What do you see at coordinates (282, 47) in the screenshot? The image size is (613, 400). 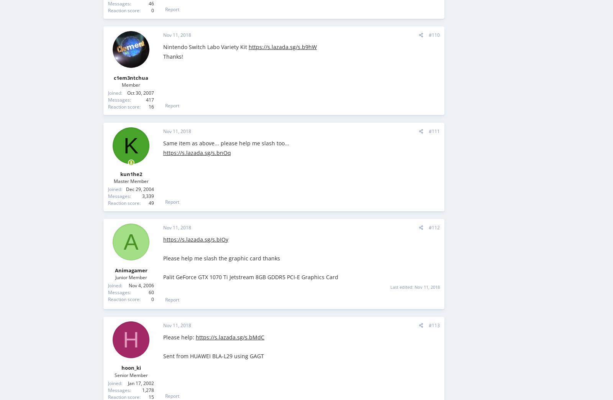 I see `'https://s.lazada.sg/s.b9hW'` at bounding box center [282, 47].